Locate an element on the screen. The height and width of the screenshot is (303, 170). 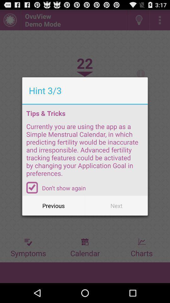
the icon next to next item is located at coordinates (54, 205).